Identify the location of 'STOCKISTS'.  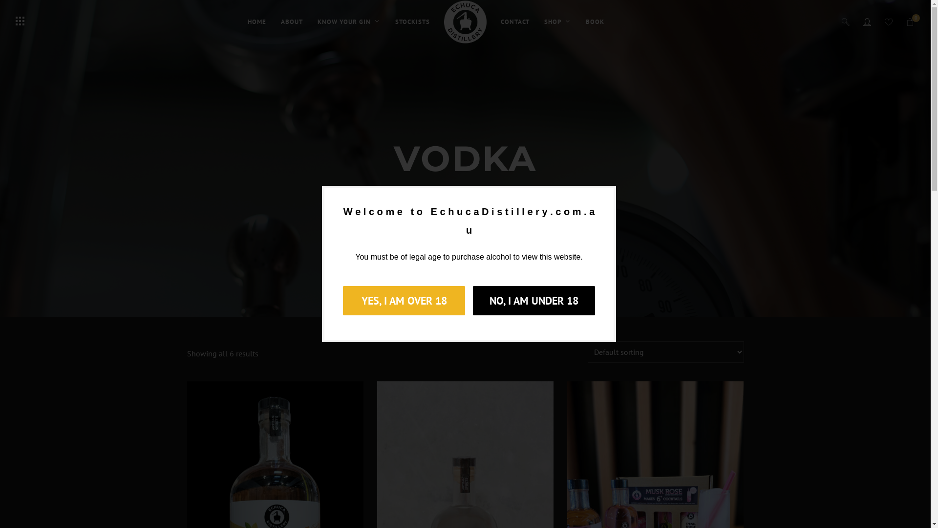
(412, 22).